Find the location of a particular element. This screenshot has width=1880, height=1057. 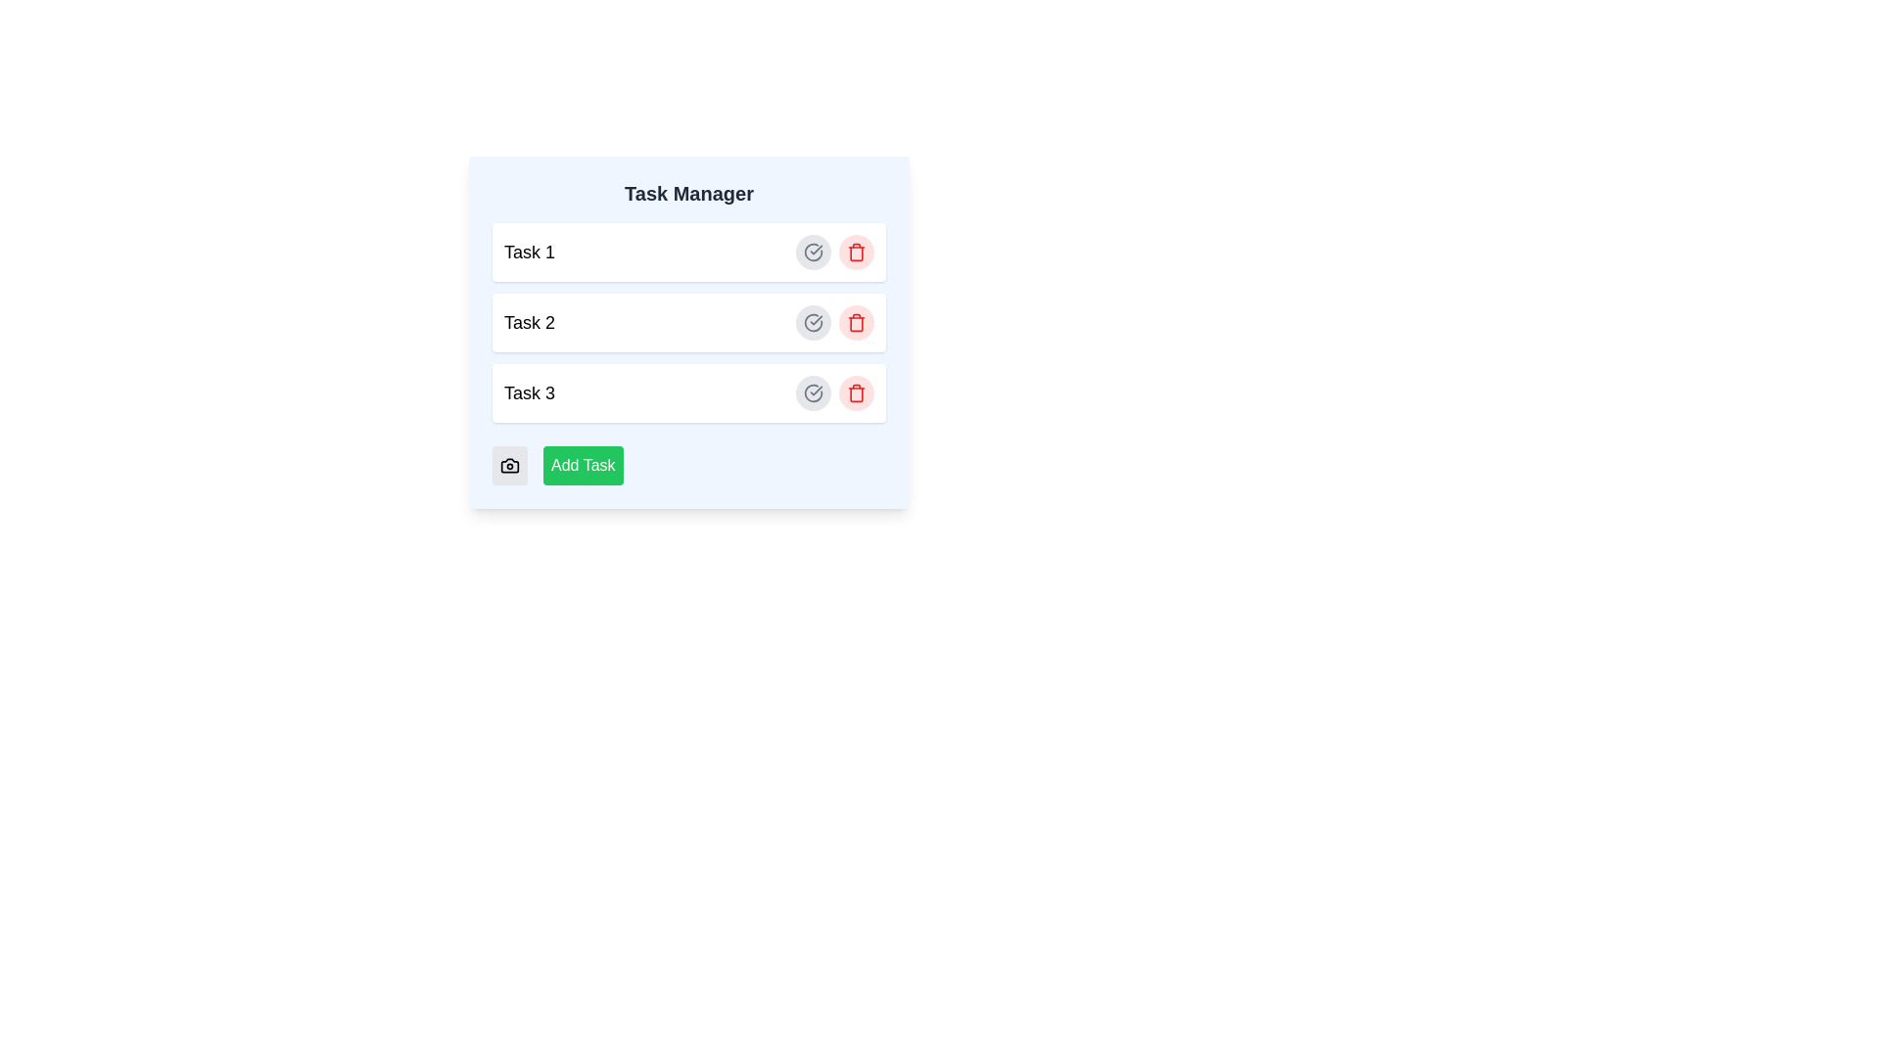

the circular icon with a checkmark inside, which has a gray outline and a transparent center, located next to the 'Task 2' label in the task list interface is located at coordinates (813, 322).